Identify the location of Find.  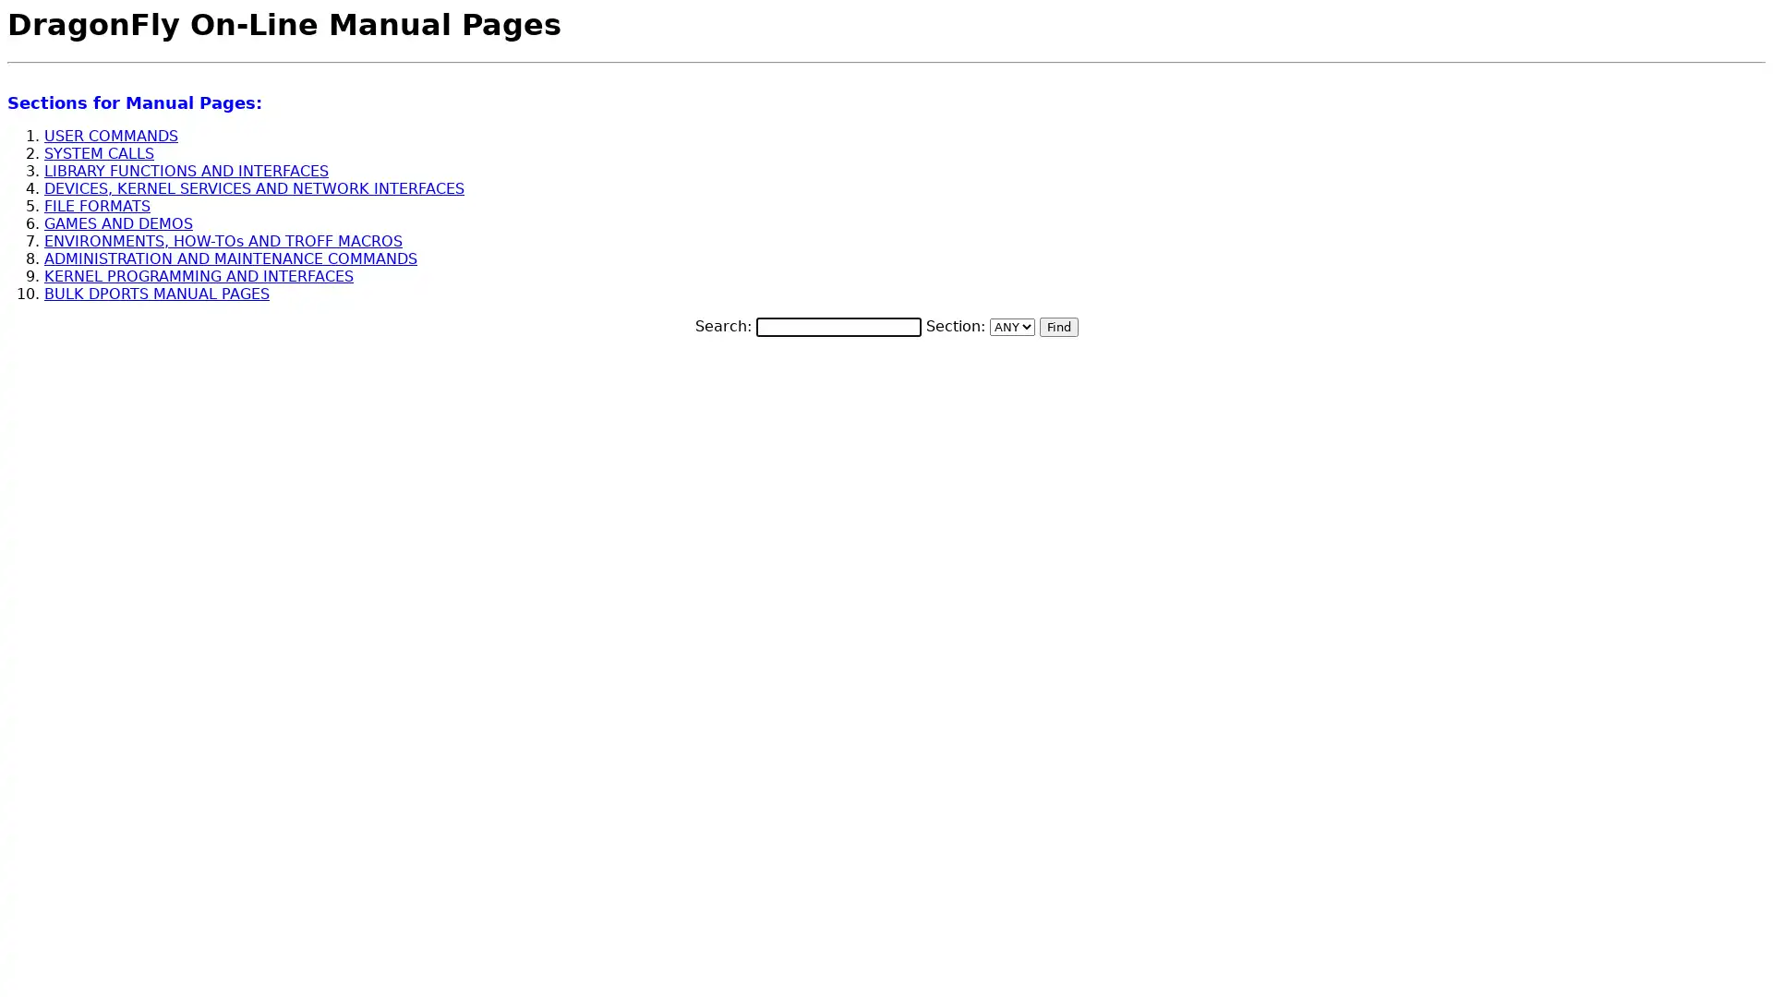
(1058, 325).